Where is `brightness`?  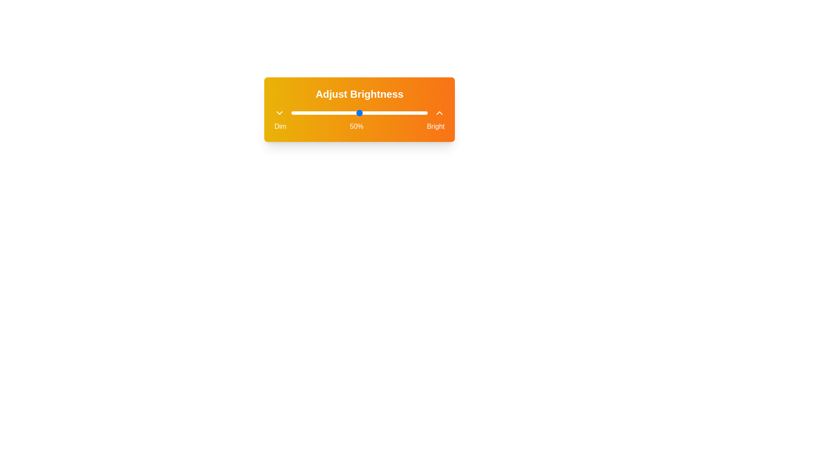
brightness is located at coordinates (371, 113).